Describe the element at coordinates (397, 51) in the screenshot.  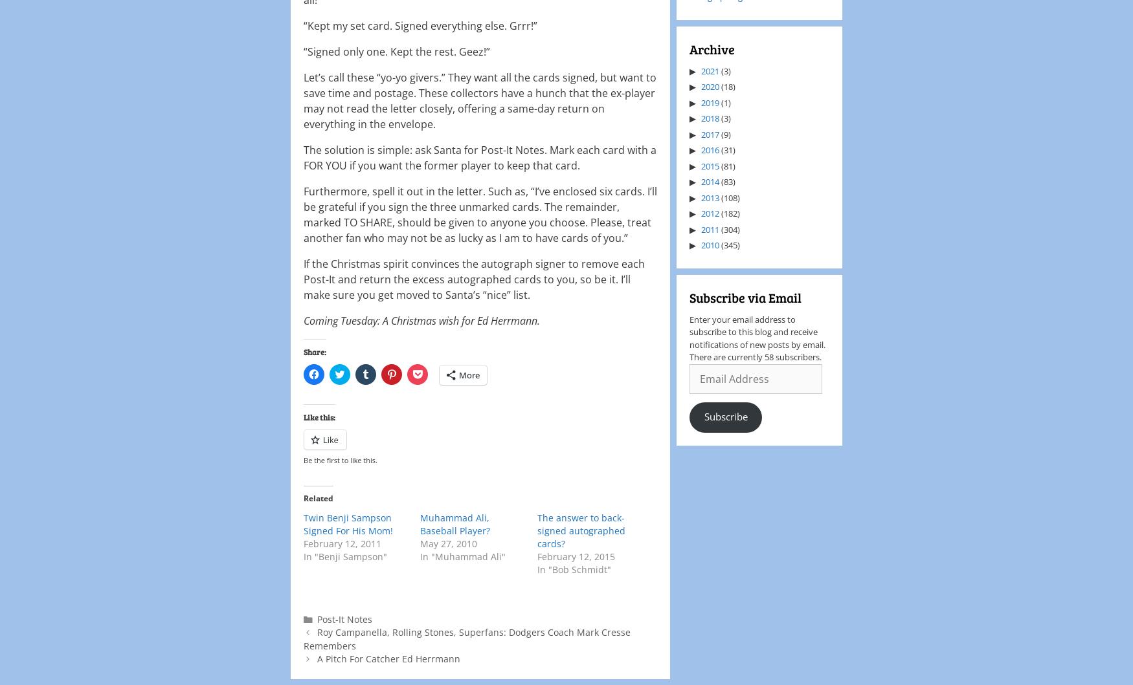
I see `'“Signed only one. Kept the rest. Geez!”'` at that location.